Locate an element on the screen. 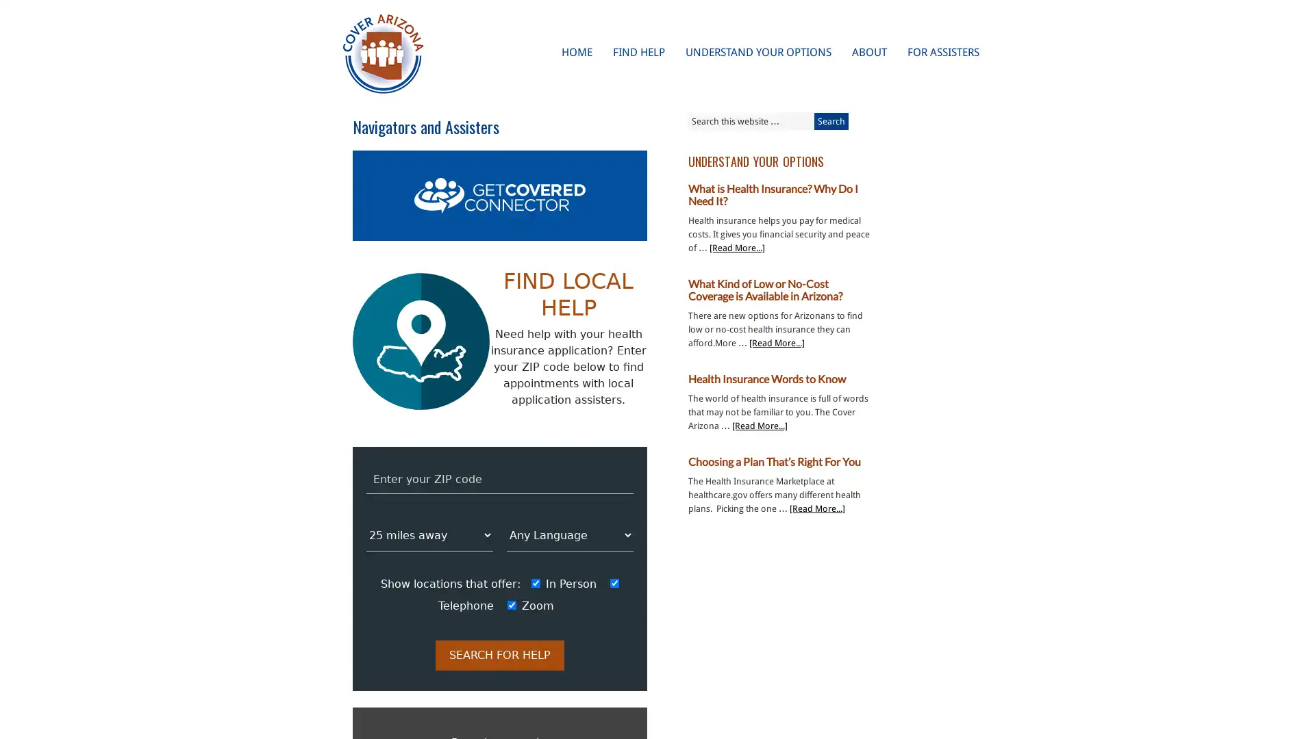 The width and height of the screenshot is (1315, 739). Search is located at coordinates (831, 120).